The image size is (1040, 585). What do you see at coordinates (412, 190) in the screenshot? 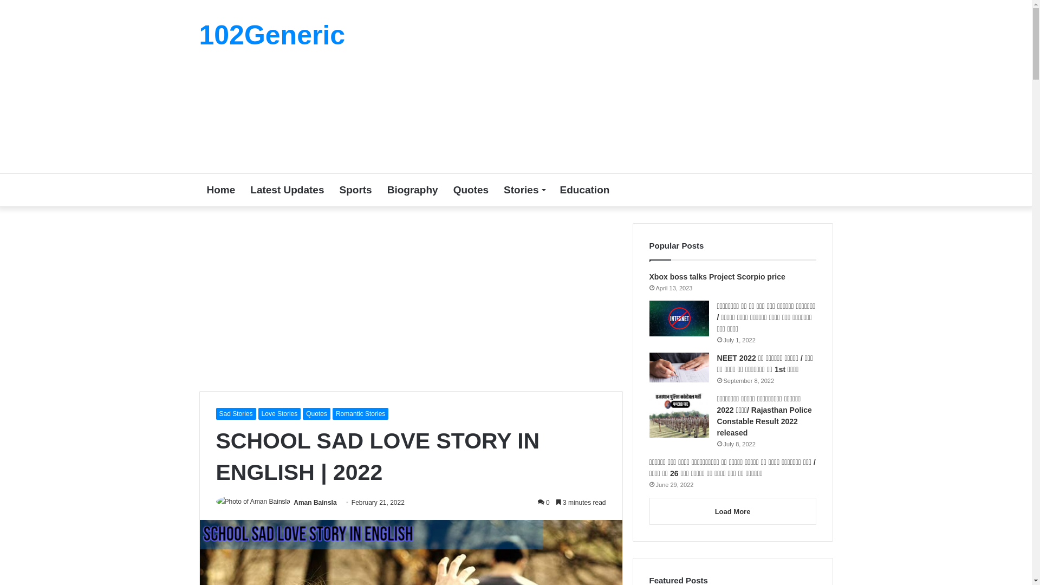
I see `'Biography'` at bounding box center [412, 190].